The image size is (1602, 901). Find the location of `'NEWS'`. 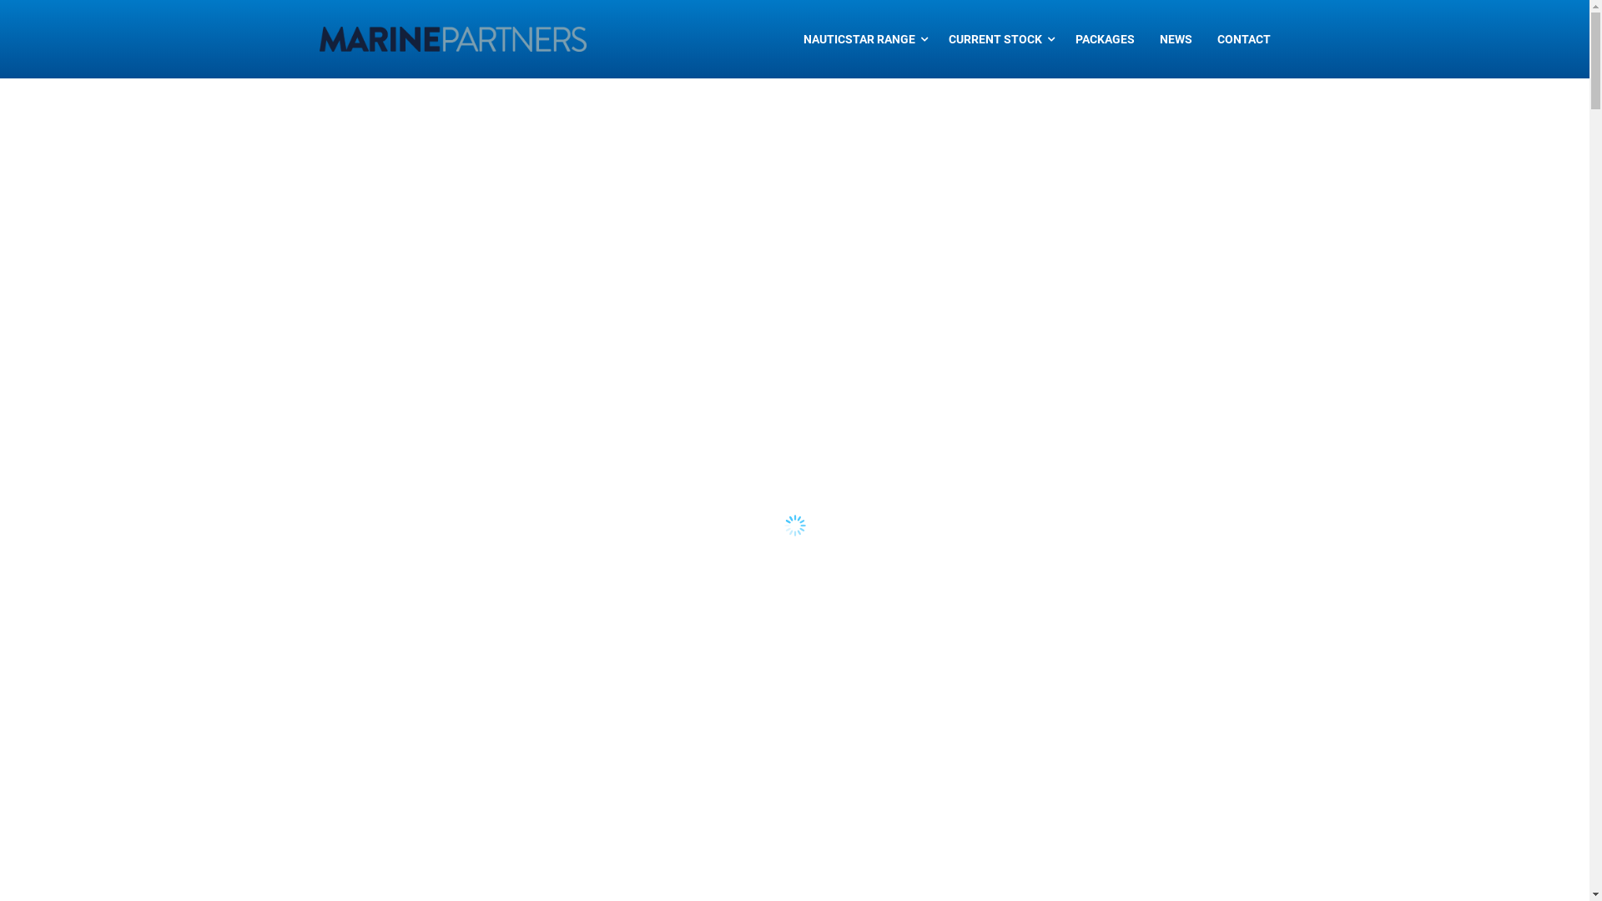

'NEWS' is located at coordinates (1145, 38).